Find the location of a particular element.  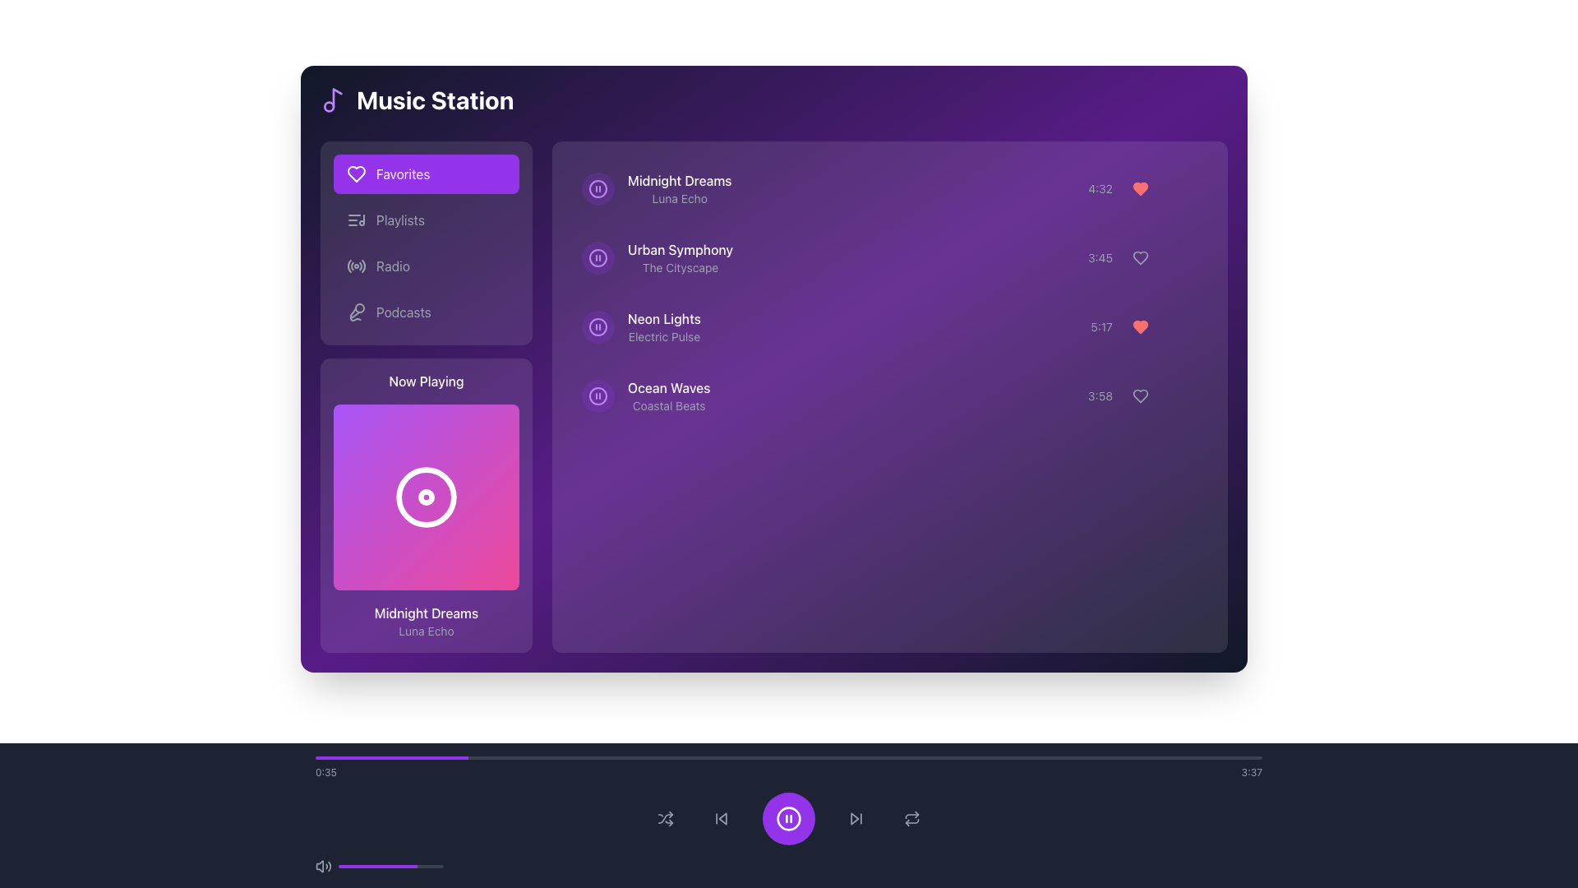

the favorite button with an icon next is located at coordinates (1139, 188).